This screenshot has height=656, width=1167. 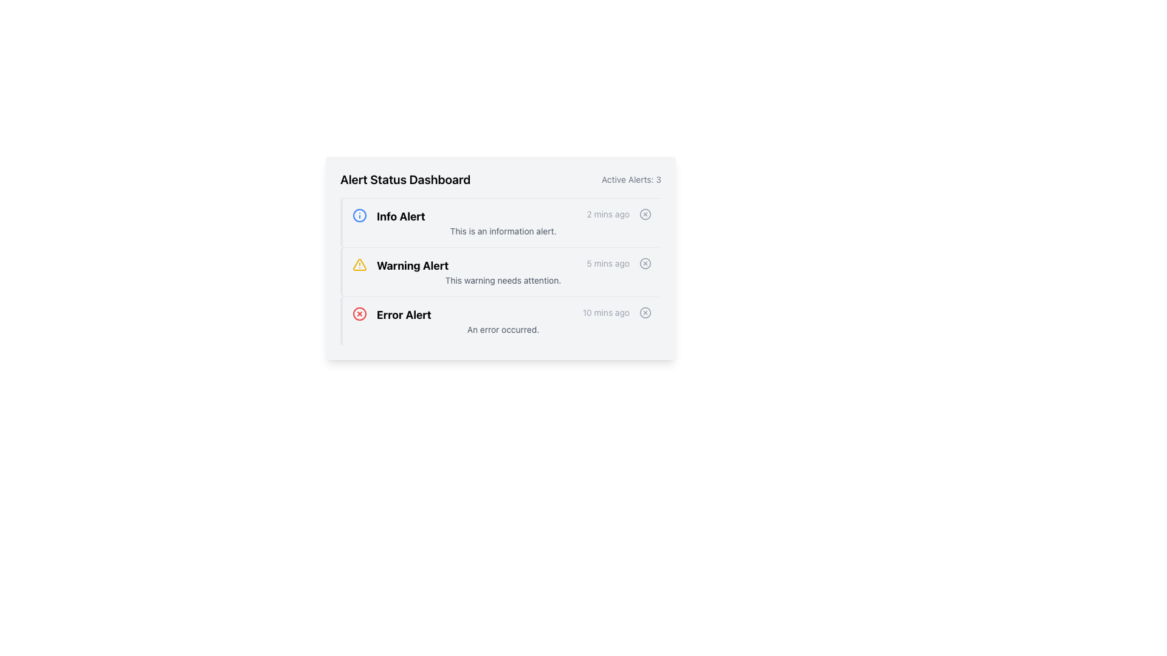 I want to click on the outermost circular SVG element that serves as the base shape or border for the 'Info Alert' icon, located to the left of the 'Info Alert' label in the 'Alert Status Dashboard', so click(x=359, y=214).